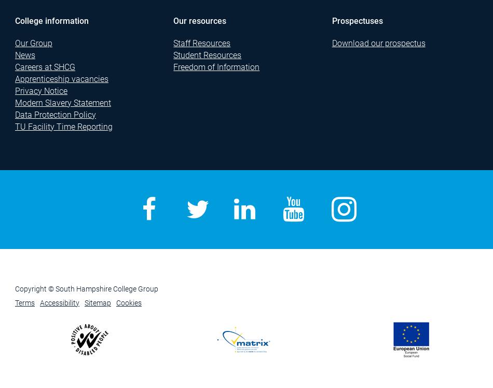  Describe the element at coordinates (87, 288) in the screenshot. I see `'Copyright © South Hampshire College Group'` at that location.